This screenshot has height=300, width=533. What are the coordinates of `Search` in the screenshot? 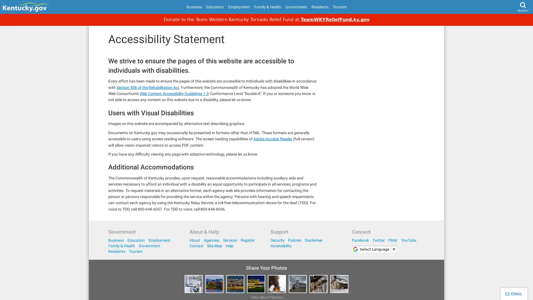 It's located at (512, 21).